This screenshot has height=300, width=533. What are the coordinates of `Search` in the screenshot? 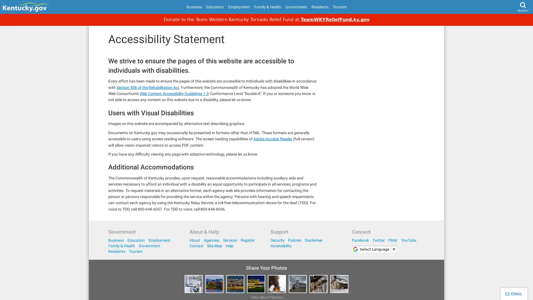 It's located at (512, 21).